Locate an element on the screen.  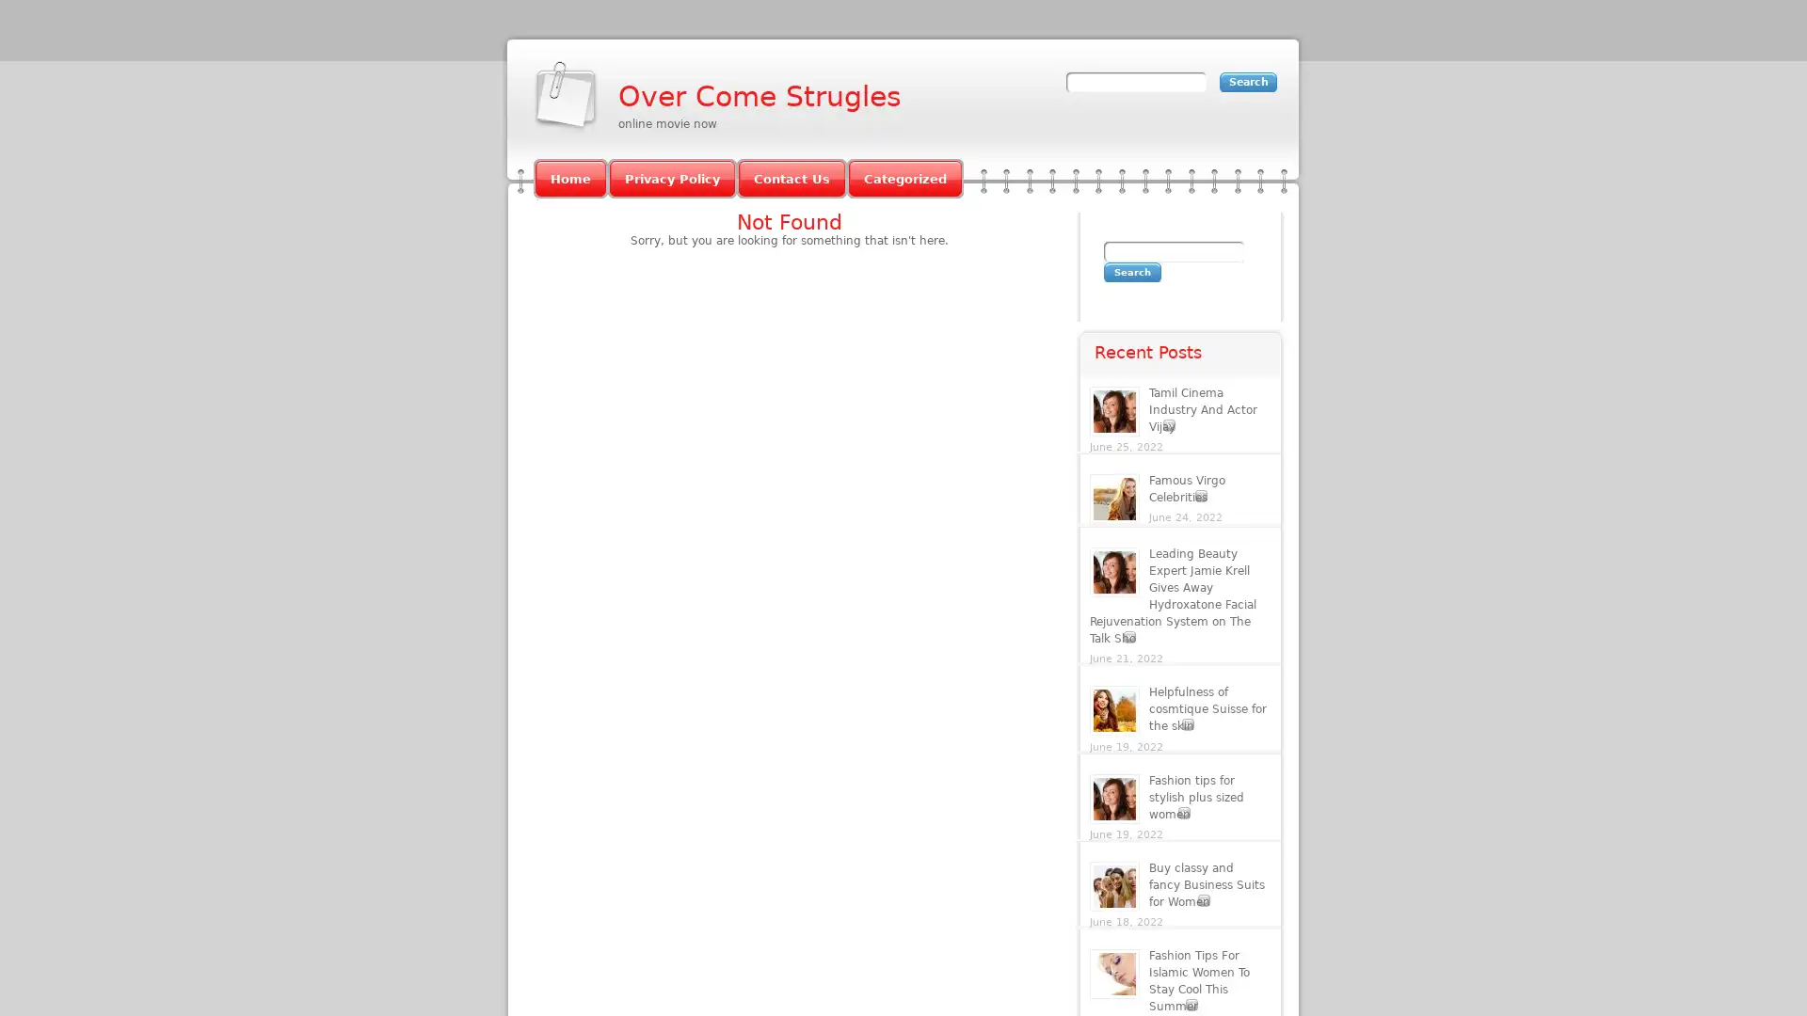
Search is located at coordinates (1131, 272).